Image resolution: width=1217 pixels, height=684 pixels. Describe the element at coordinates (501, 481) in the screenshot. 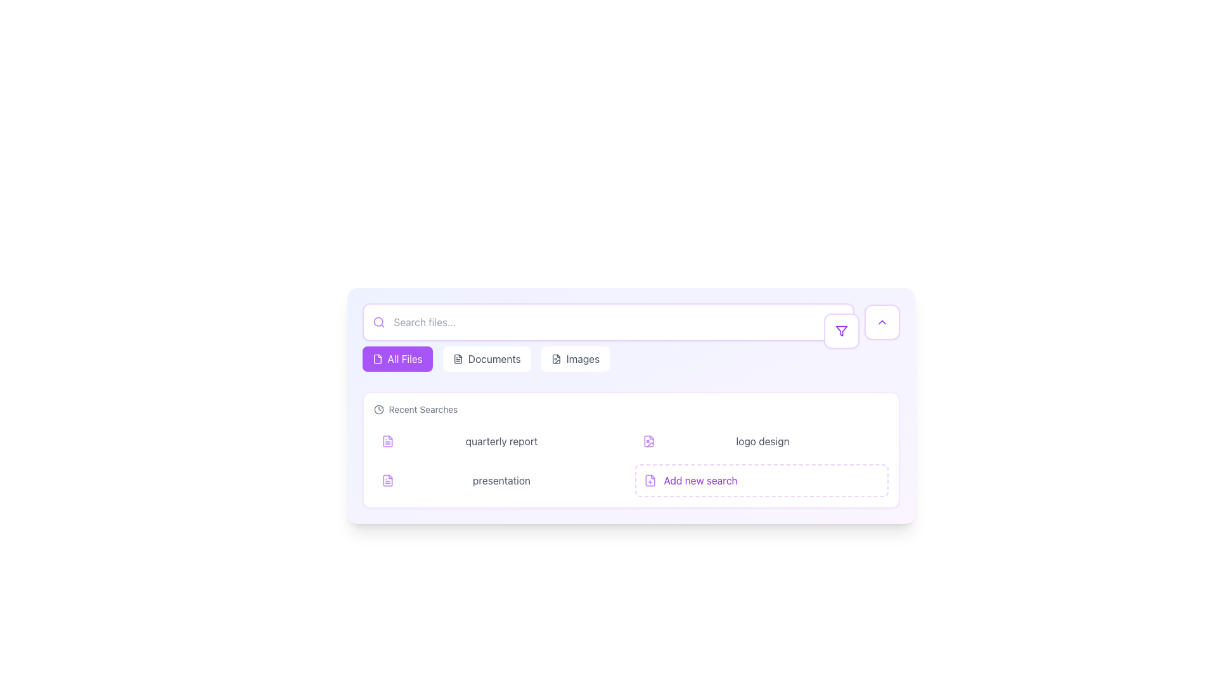

I see `the text label 'presentation' in the second entry of the recent searches list for additional actions` at that location.